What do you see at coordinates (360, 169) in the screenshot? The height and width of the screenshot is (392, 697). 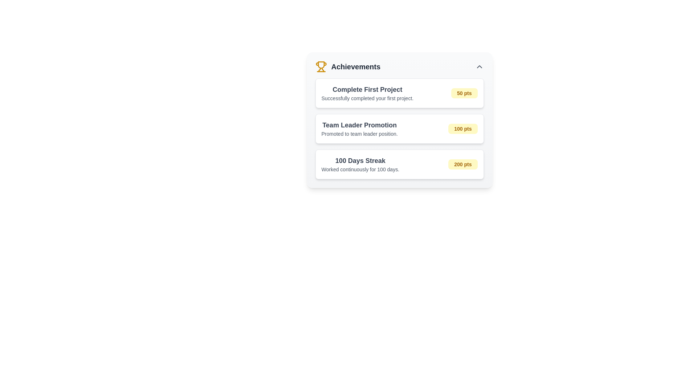 I see `the text label providing additional information regarding the '100 Days Streak' achievement, located beneath the heading in the 'Achievements' section` at bounding box center [360, 169].